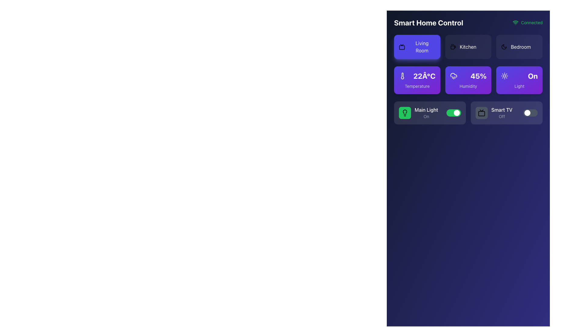  Describe the element at coordinates (507, 113) in the screenshot. I see `the device control toggle switch for the 'Smart TV' to change its current state between 'On' and 'Off'` at that location.